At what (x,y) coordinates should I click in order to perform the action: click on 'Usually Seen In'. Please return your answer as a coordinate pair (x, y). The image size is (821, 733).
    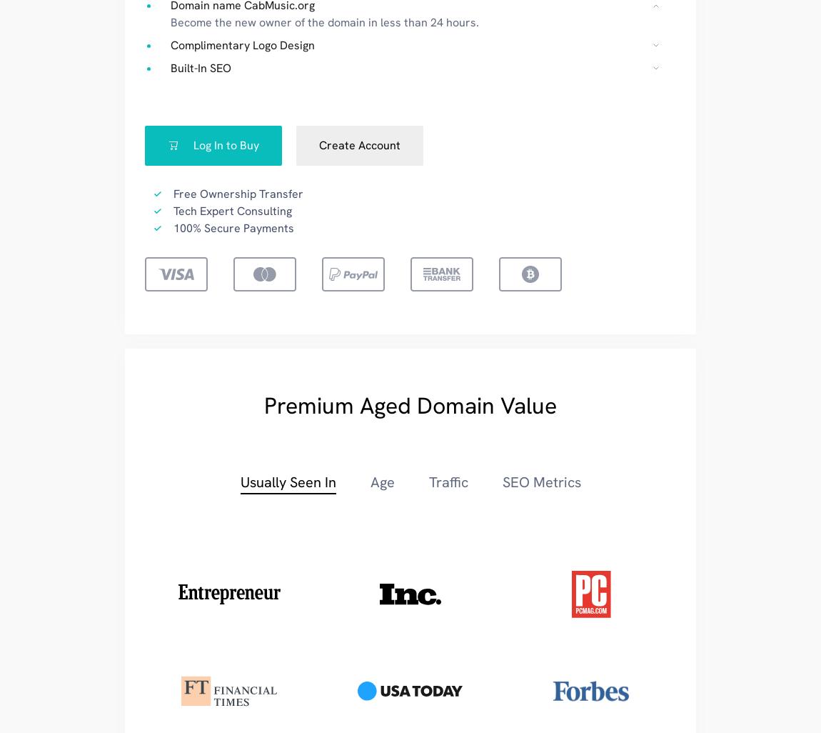
    Looking at the image, I should click on (287, 480).